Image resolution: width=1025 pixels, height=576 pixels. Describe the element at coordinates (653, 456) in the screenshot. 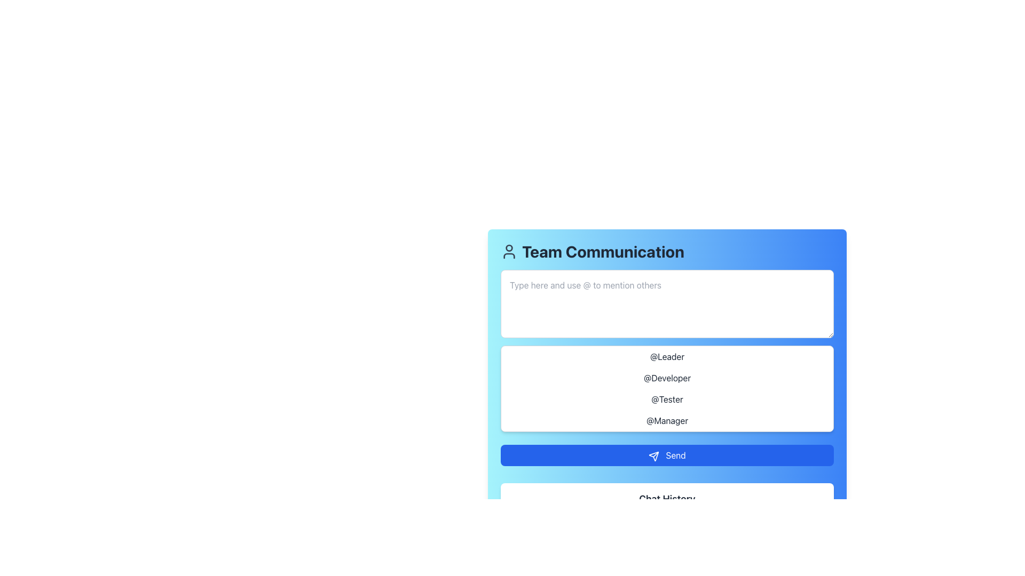

I see `the paper plane icon within the button used for dispatching messages in the team communication interface` at that location.